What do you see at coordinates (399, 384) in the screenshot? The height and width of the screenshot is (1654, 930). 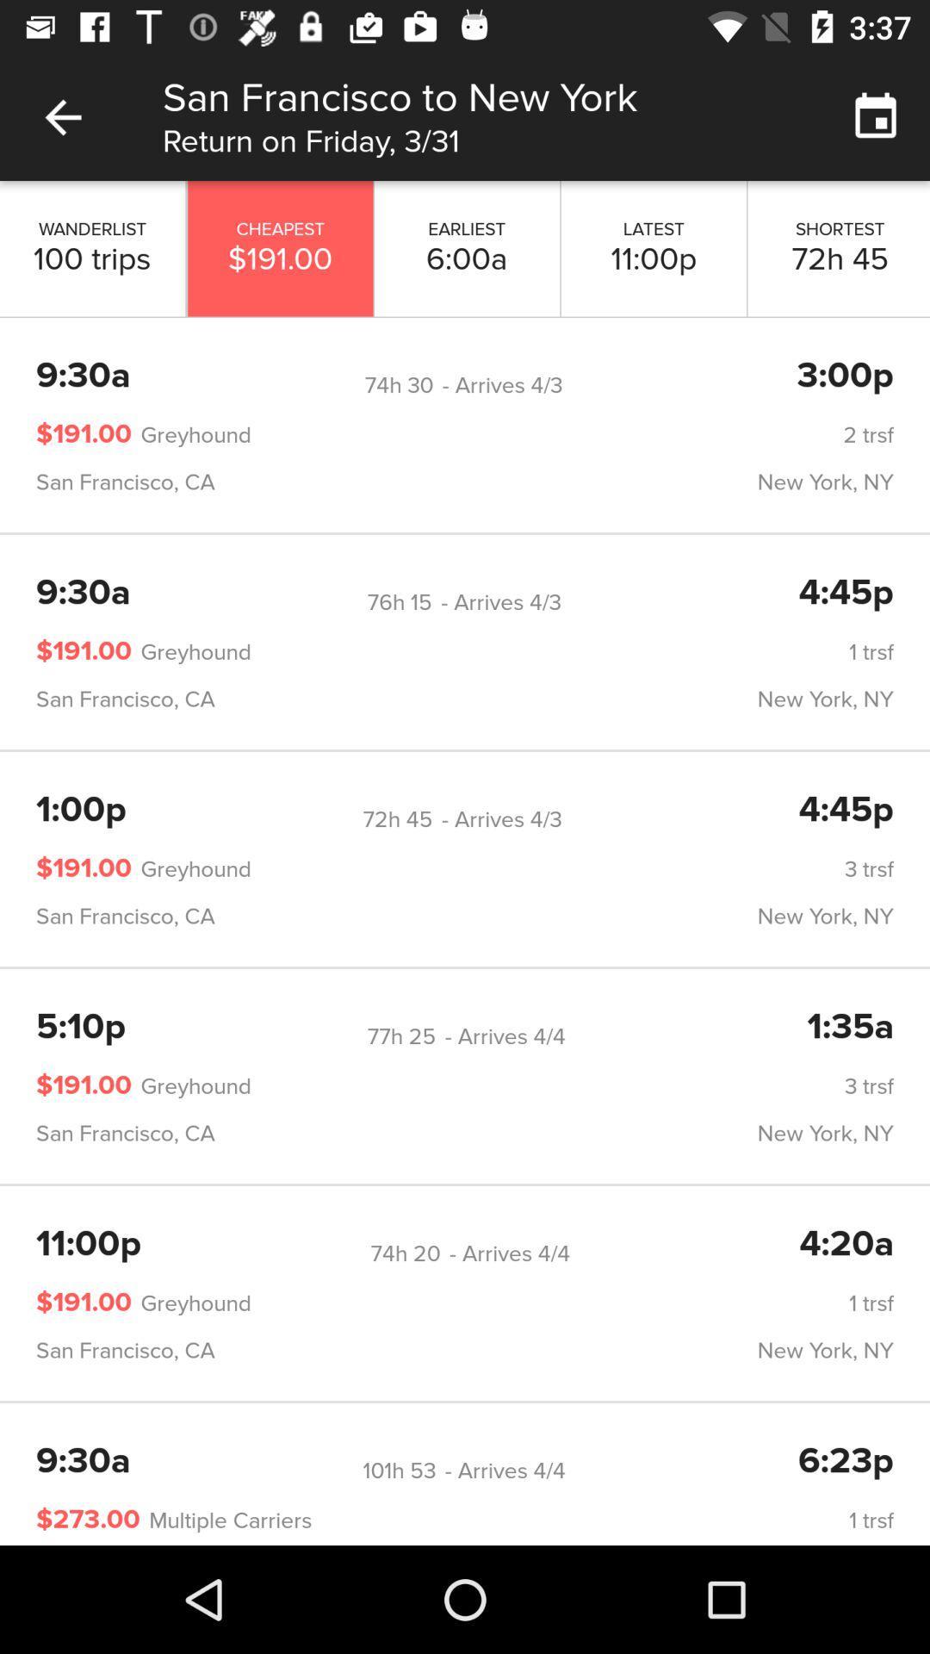 I see `icon to the right of 9:30a` at bounding box center [399, 384].